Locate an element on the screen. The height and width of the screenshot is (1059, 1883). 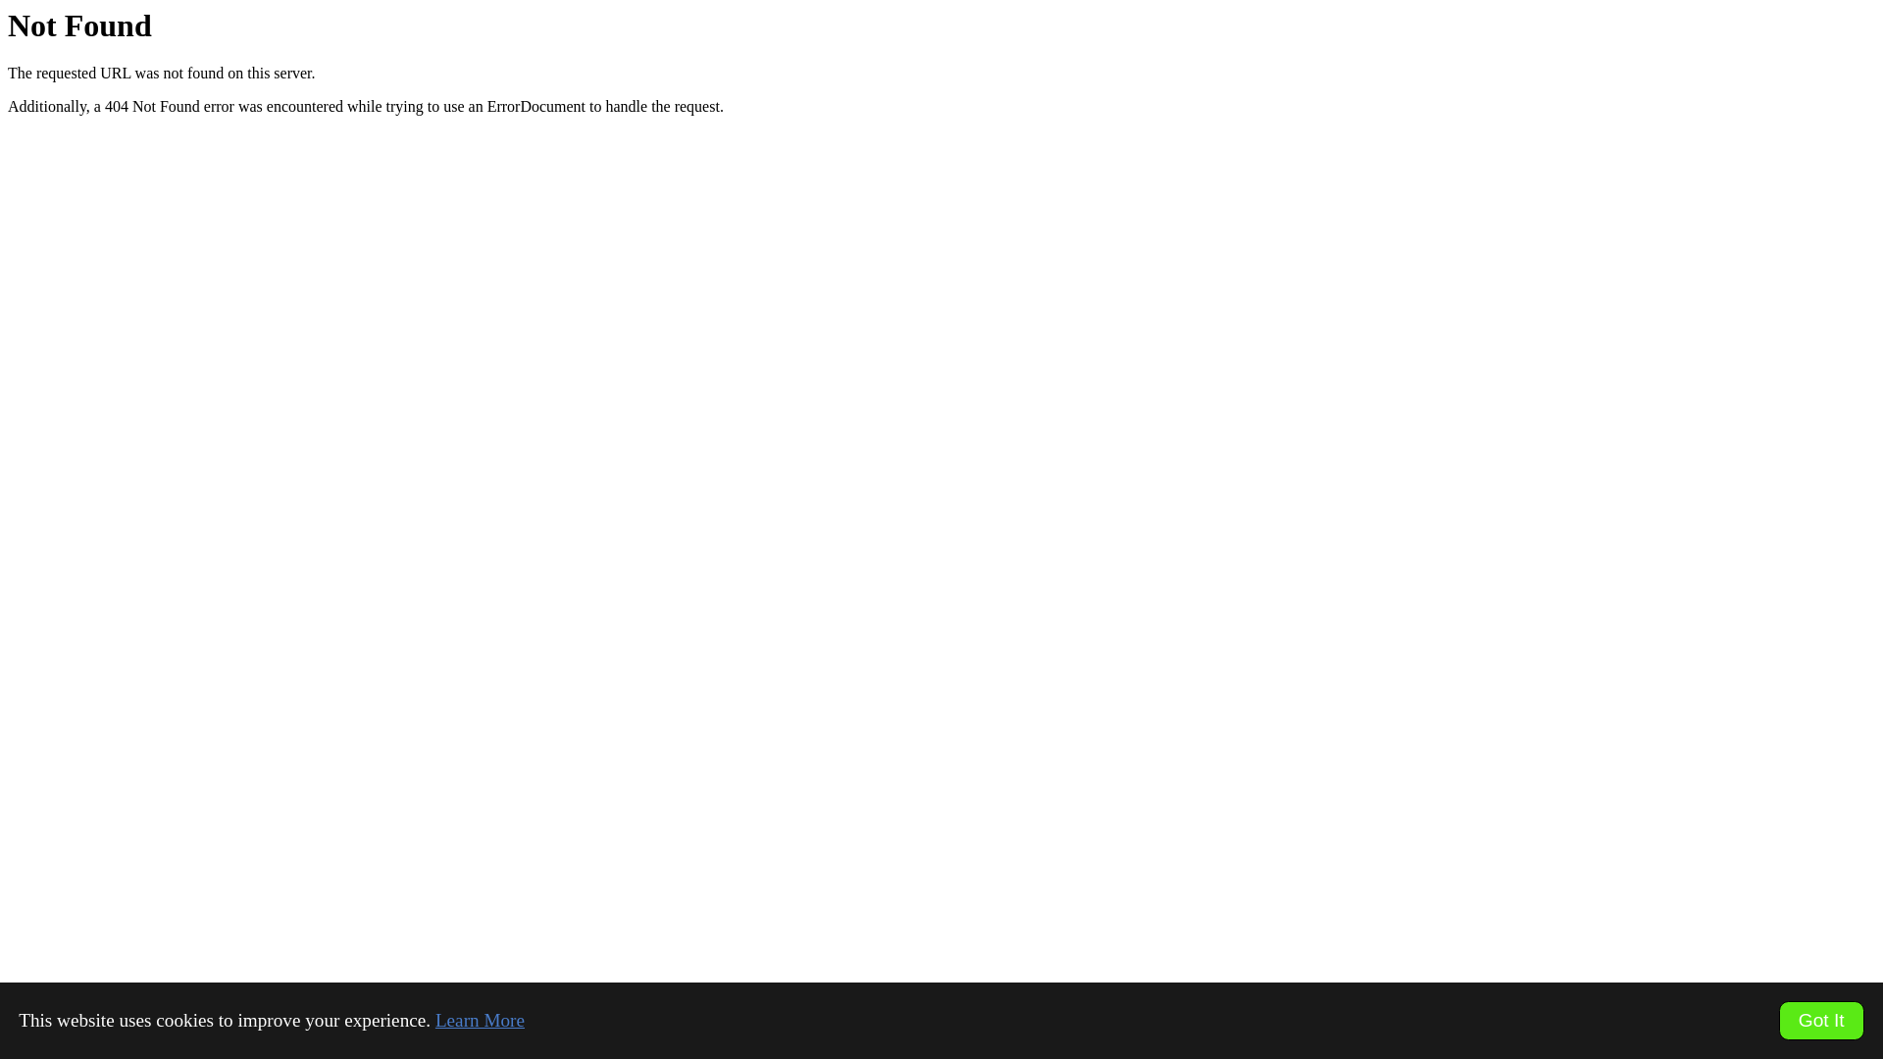
'Learn More' is located at coordinates (480, 1019).